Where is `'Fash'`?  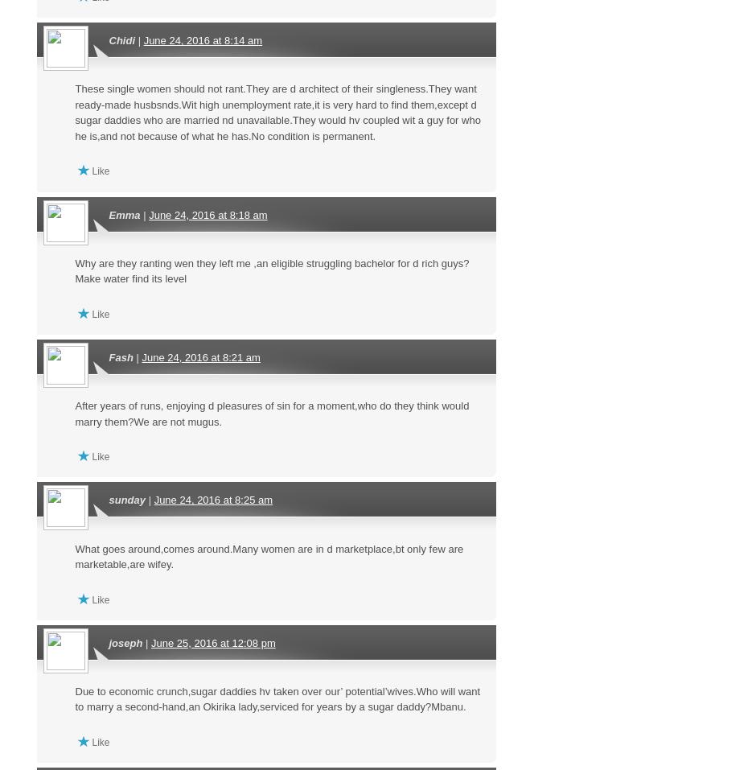 'Fash' is located at coordinates (120, 356).